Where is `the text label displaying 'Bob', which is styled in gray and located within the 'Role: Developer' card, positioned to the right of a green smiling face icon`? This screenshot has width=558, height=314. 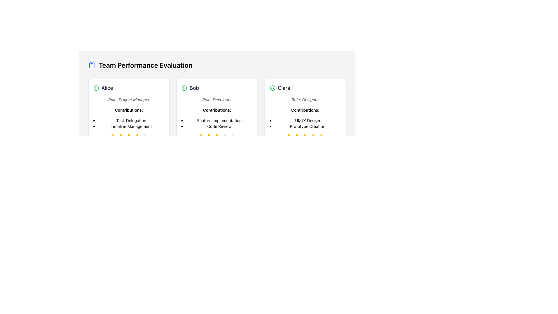
the text label displaying 'Bob', which is styled in gray and located within the 'Role: Developer' card, positioned to the right of a green smiling face icon is located at coordinates (194, 88).